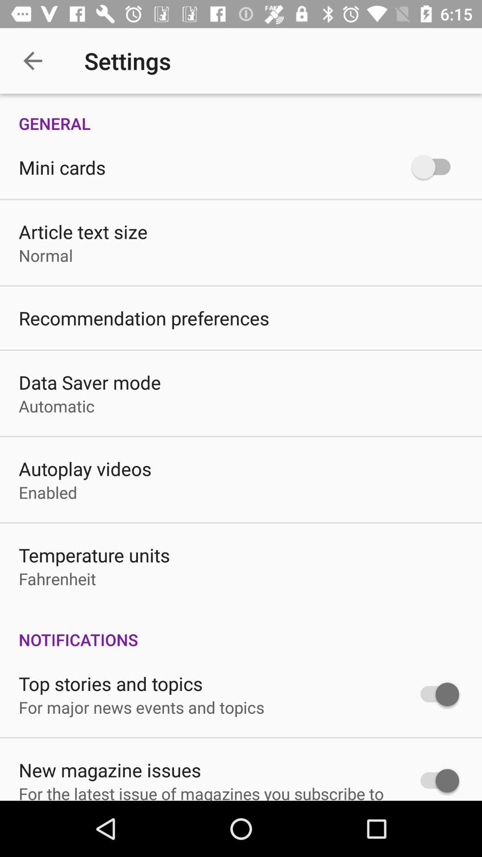 The image size is (482, 857). I want to click on the icon below for major news, so click(109, 769).